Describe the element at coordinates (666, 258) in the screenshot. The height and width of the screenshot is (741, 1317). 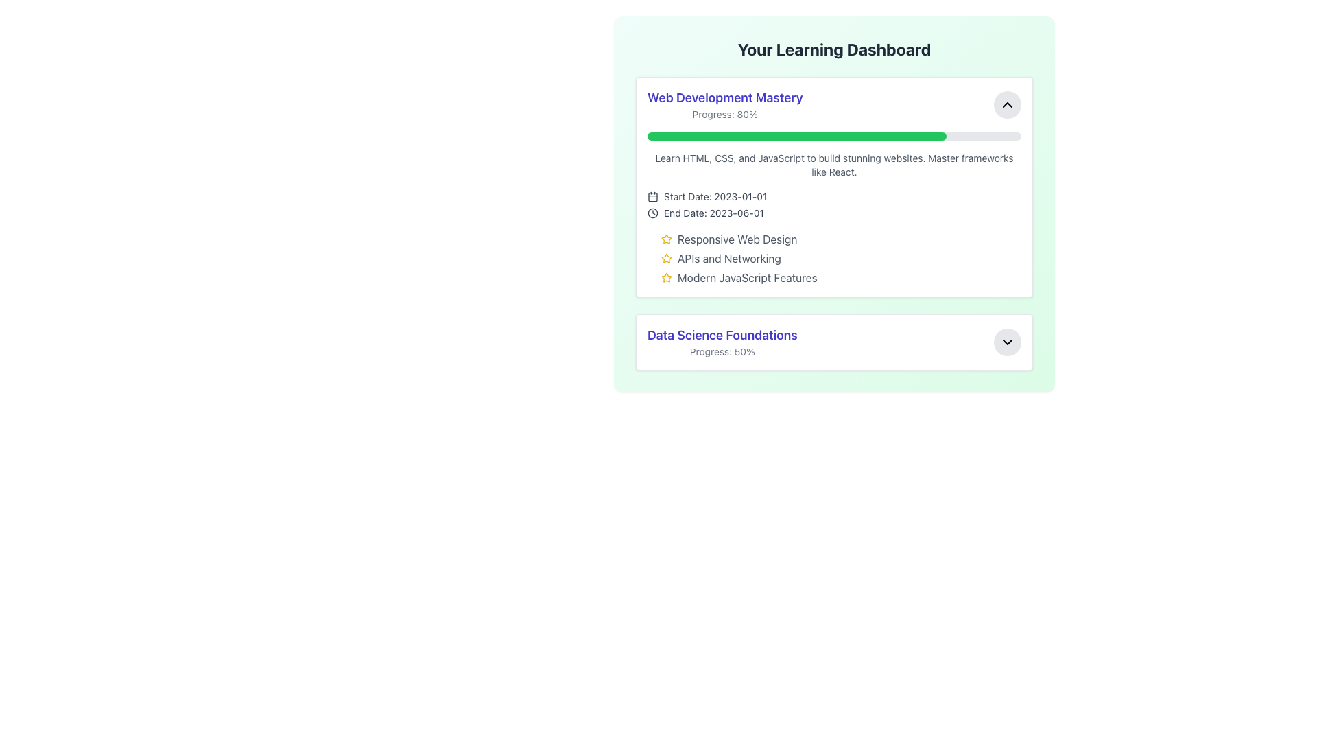
I see `the star-shaped icon with a yellow fill located under the 'Web Development Mastery' section, adjacent to the text 'Responsive Web Design'` at that location.